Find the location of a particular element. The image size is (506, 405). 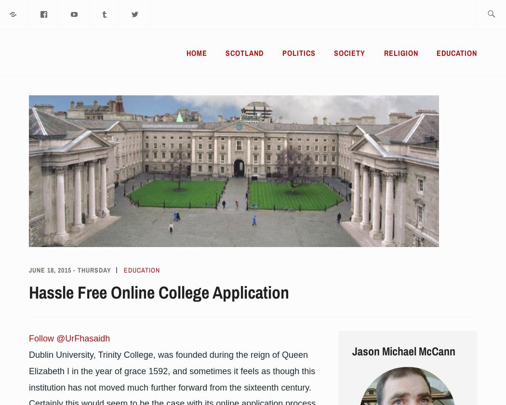

'Religion' is located at coordinates (400, 52).